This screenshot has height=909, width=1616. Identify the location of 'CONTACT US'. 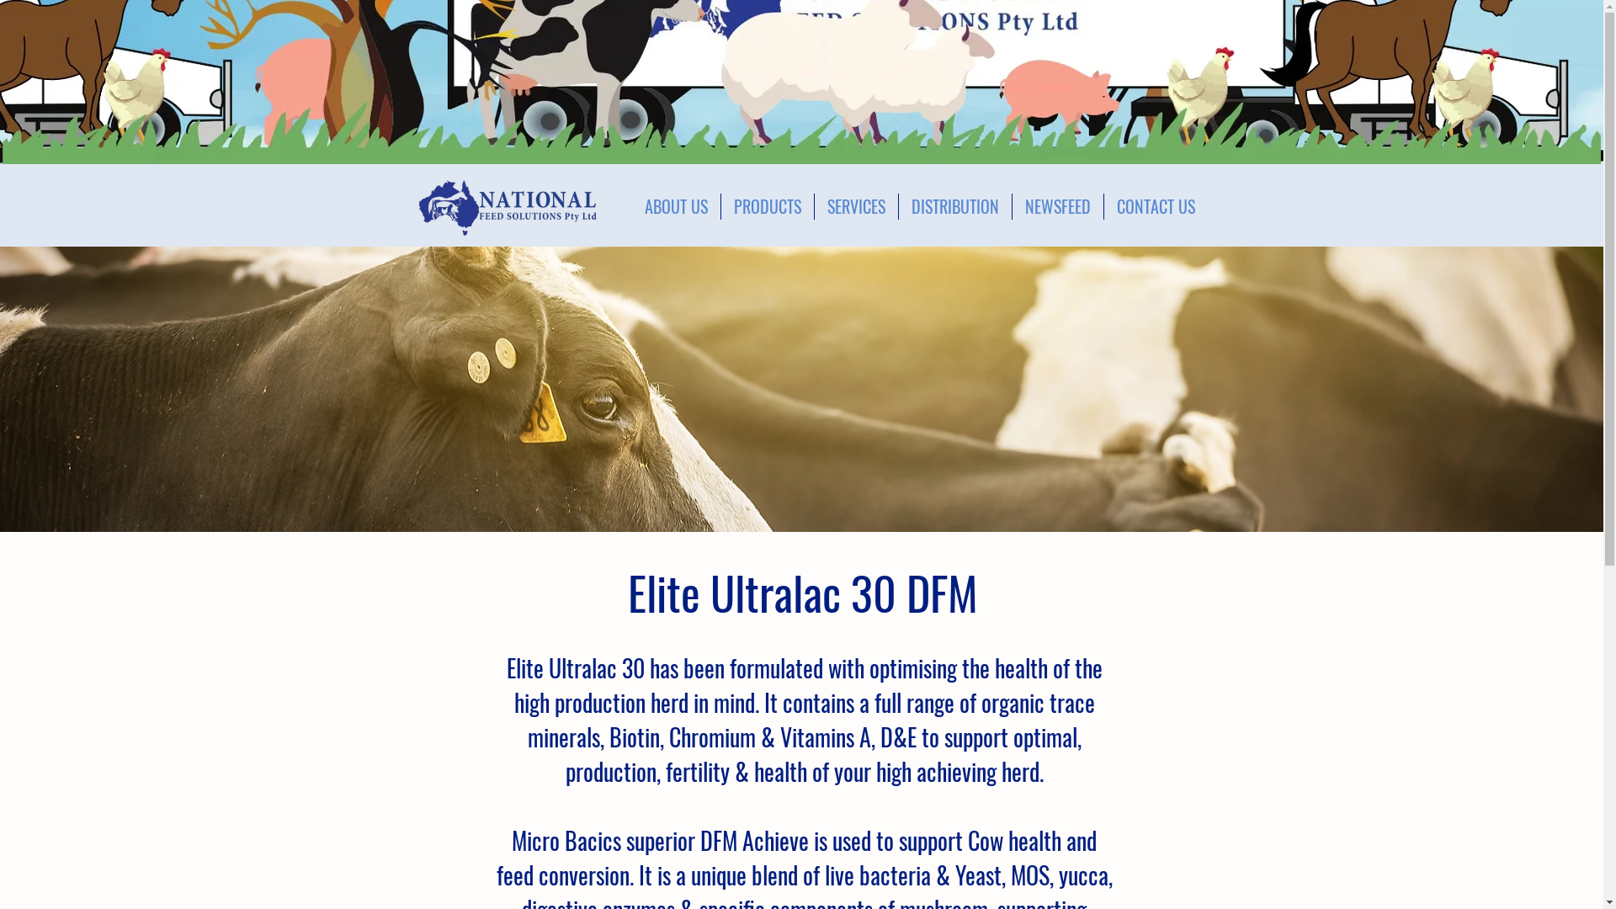
(1155, 205).